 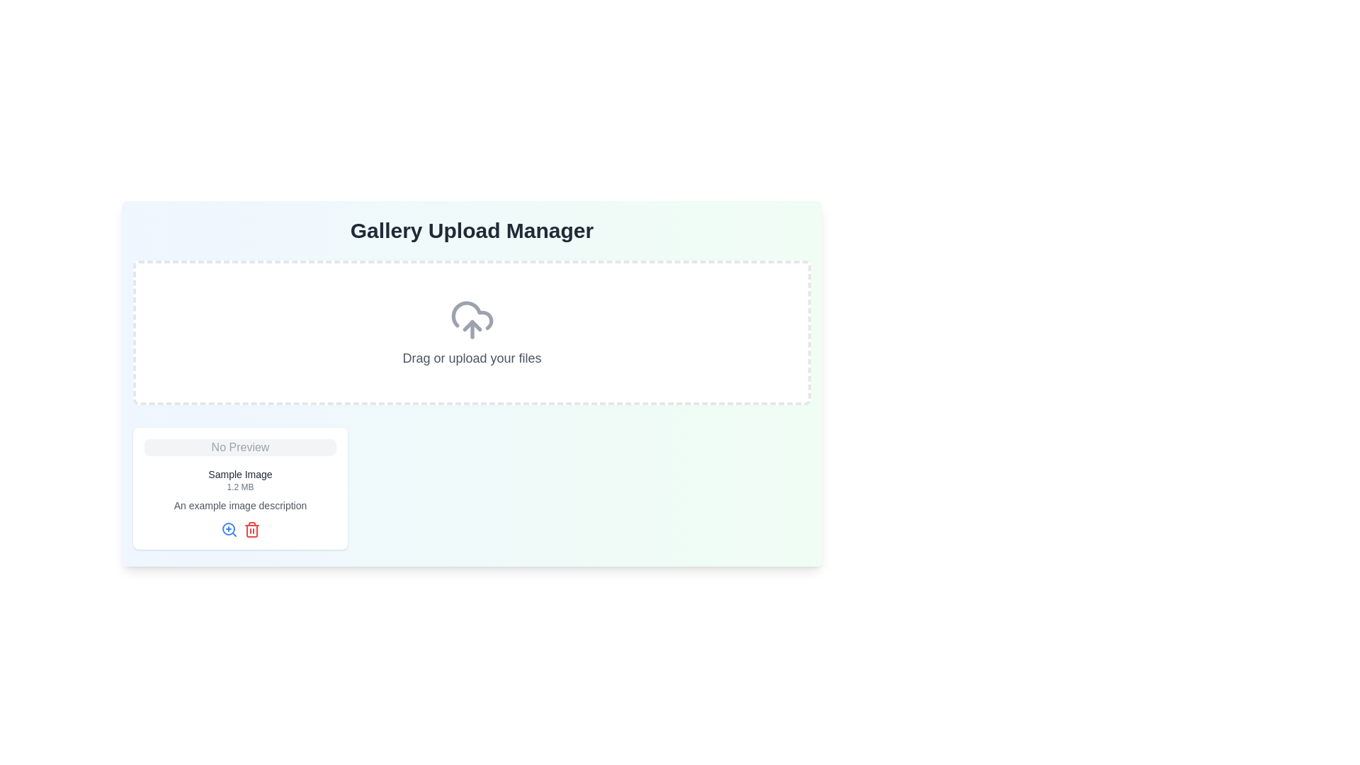 I want to click on the zoom-in icon located at the bottom-left corner of the preview card, which is the first icon in a horizontal group of two icons, adjacent to a red trash icon, so click(x=229, y=530).